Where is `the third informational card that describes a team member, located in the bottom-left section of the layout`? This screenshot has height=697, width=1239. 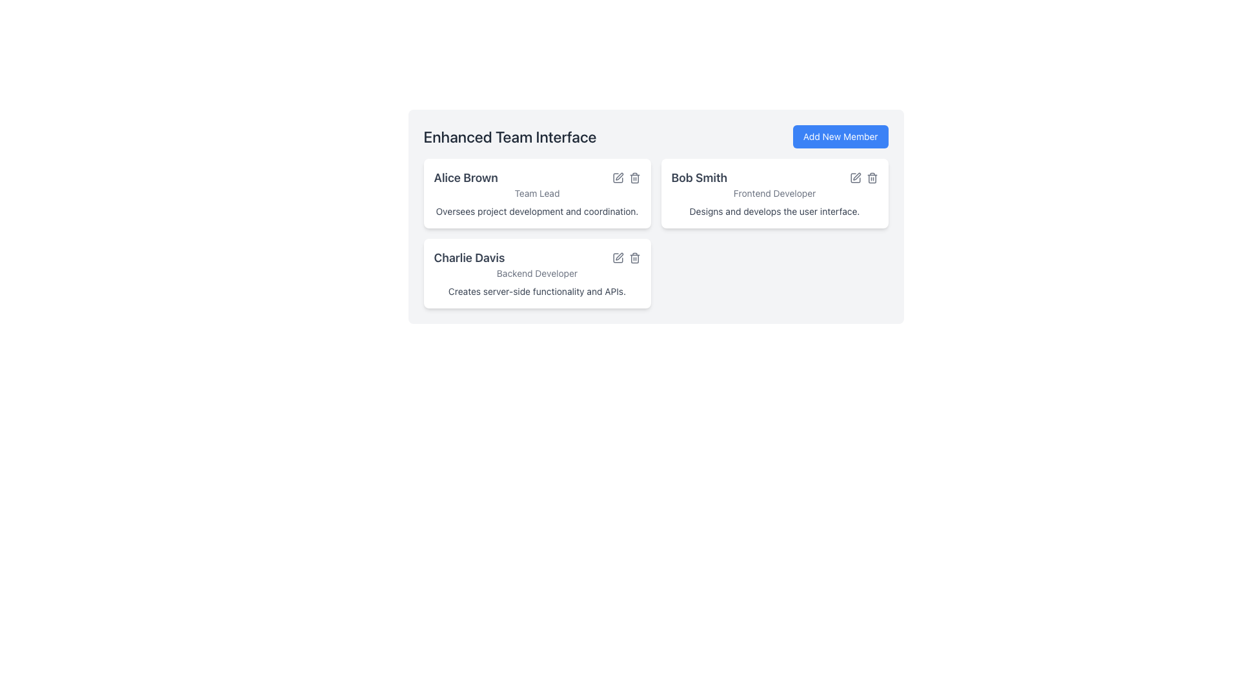
the third informational card that describes a team member, located in the bottom-left section of the layout is located at coordinates (537, 273).